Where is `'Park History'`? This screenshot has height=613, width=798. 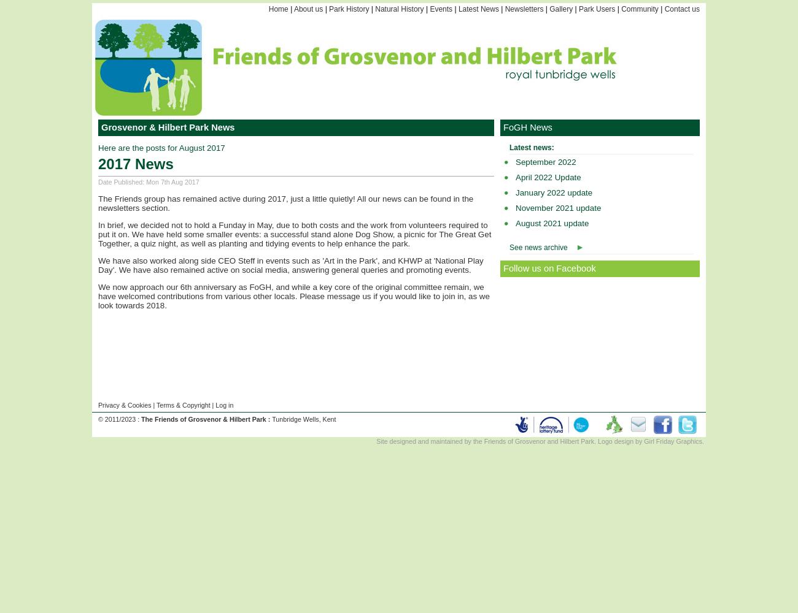
'Park History' is located at coordinates (348, 9).